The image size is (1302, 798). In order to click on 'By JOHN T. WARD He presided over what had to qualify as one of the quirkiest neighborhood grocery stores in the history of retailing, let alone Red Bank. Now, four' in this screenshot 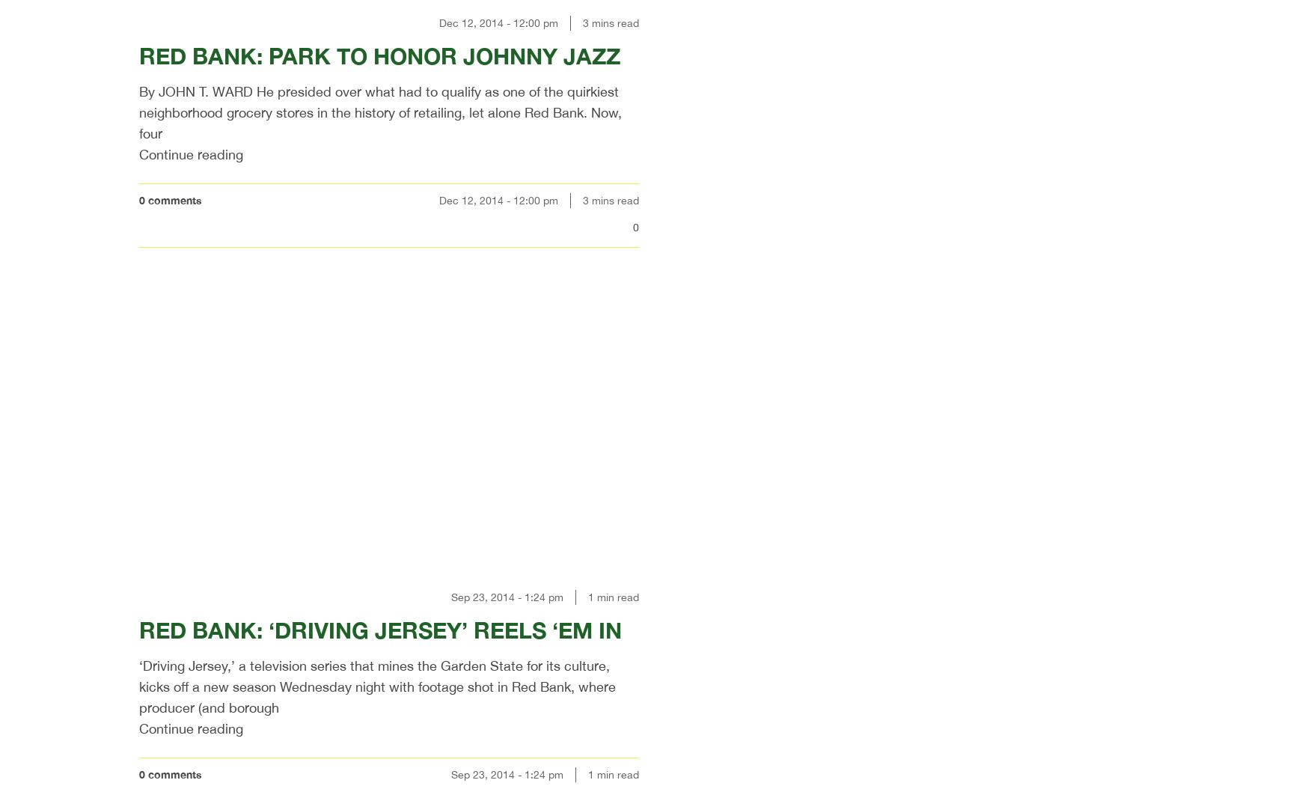, I will do `click(379, 112)`.